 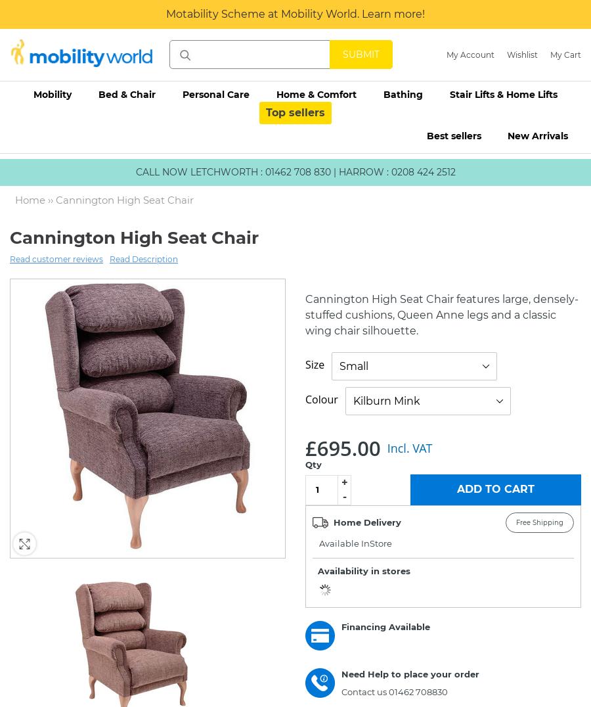 I want to click on 'Read customer reviews', so click(x=56, y=258).